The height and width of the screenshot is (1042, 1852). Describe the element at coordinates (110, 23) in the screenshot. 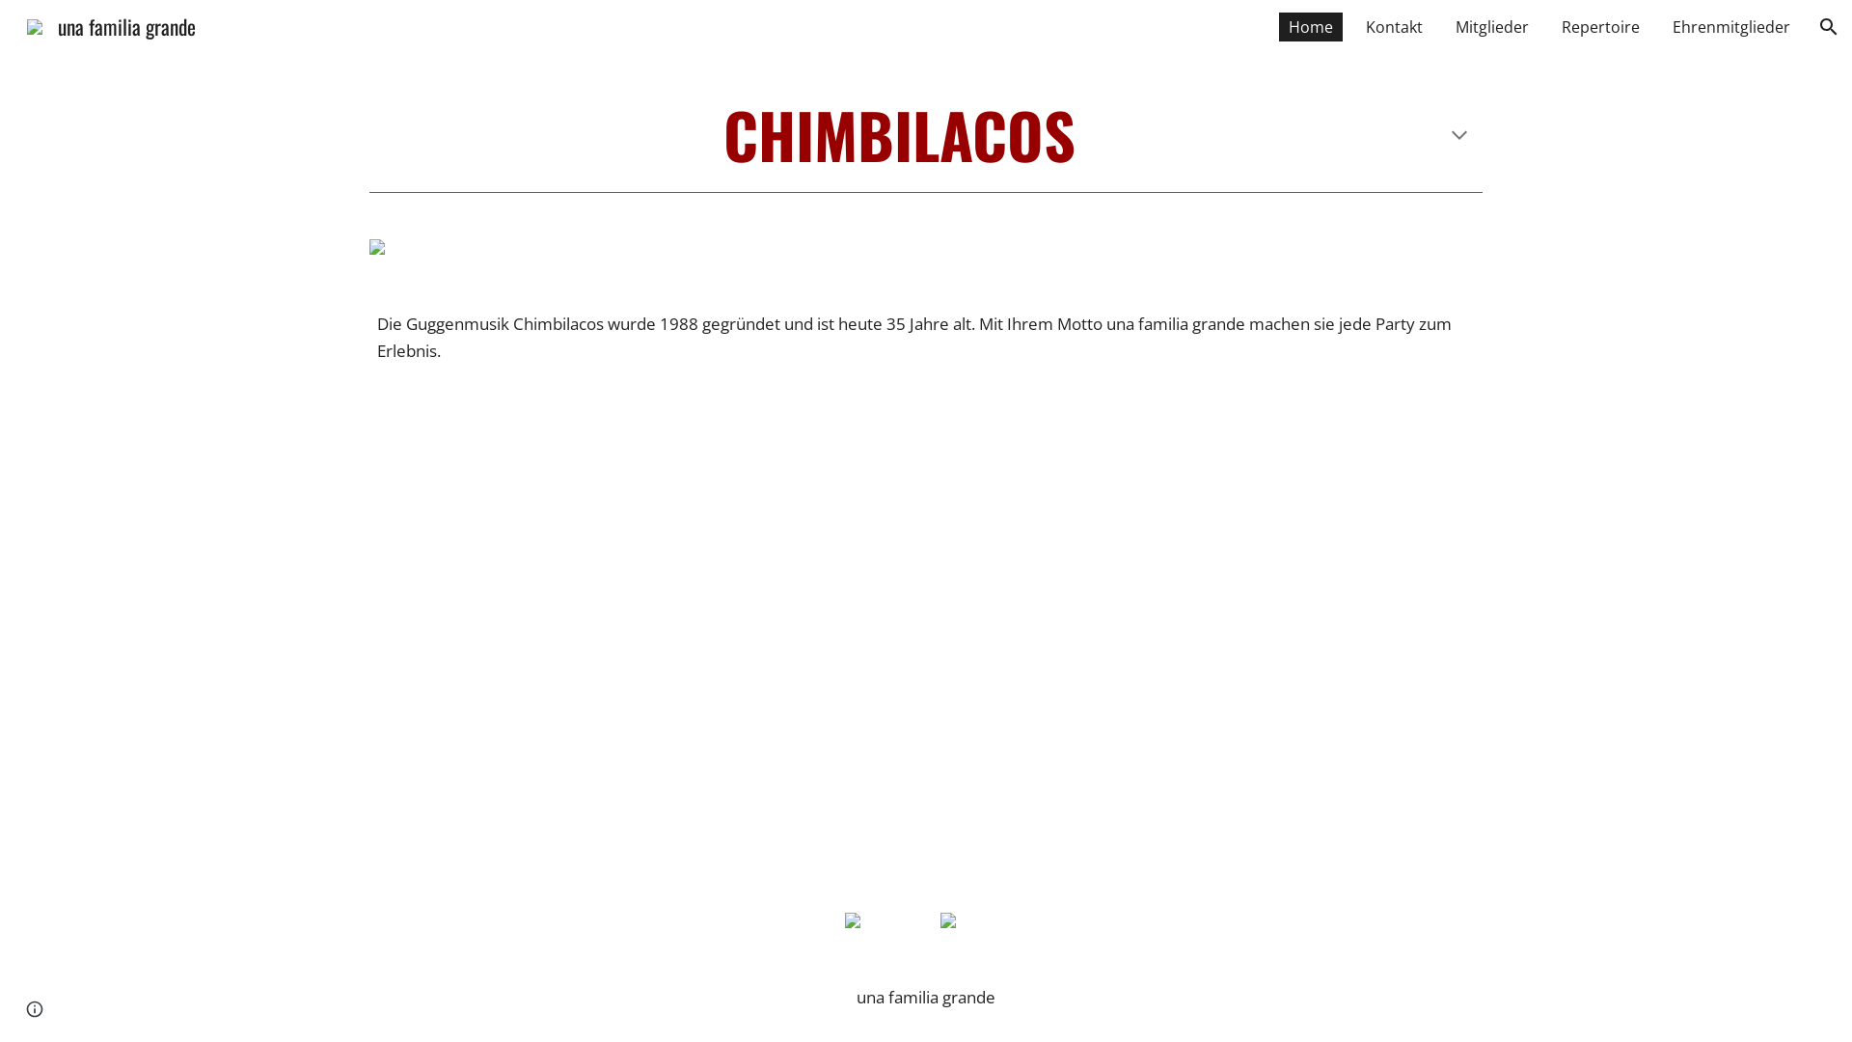

I see `'una familia grande'` at that location.